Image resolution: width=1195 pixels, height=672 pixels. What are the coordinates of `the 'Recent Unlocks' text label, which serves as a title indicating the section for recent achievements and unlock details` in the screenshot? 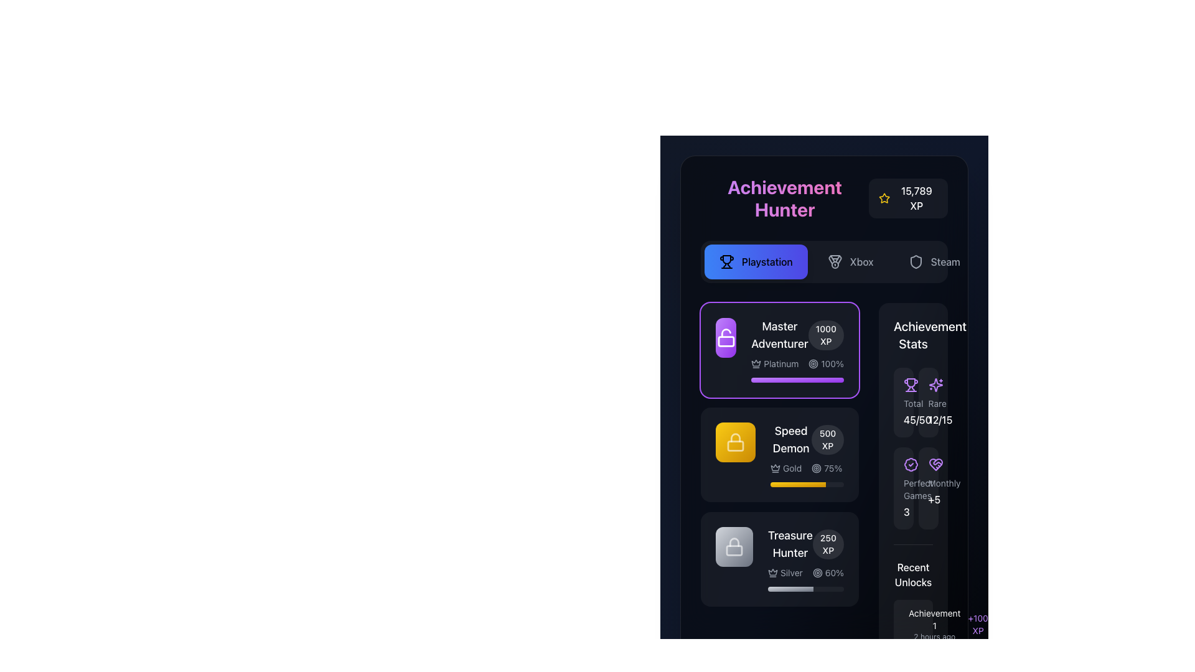 It's located at (913, 575).